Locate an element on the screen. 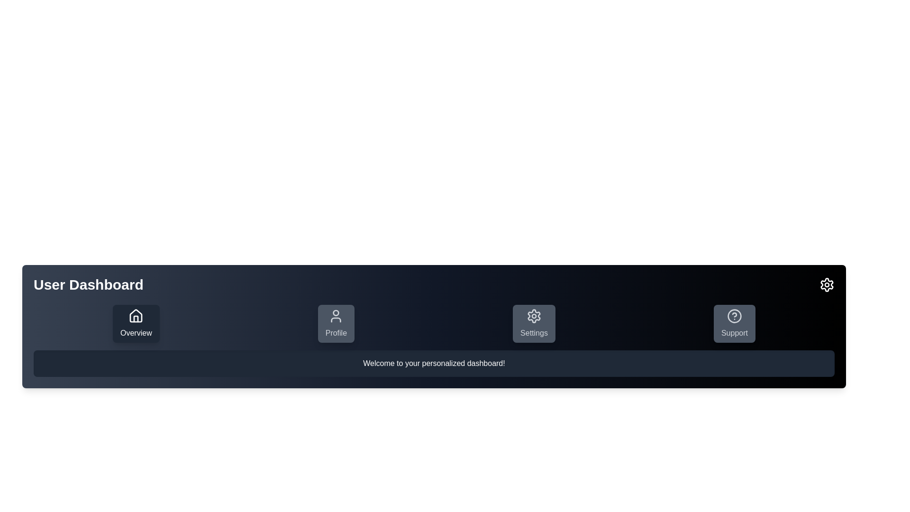  the minimalist house SVG icon located at the center of the 'Overview' button, positioned above its textual label is located at coordinates (136, 316).